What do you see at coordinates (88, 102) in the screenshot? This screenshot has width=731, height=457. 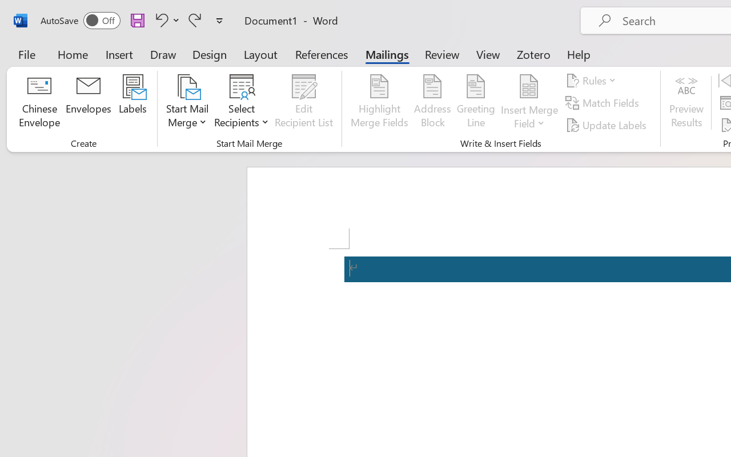 I see `'Envelopes...'` at bounding box center [88, 102].